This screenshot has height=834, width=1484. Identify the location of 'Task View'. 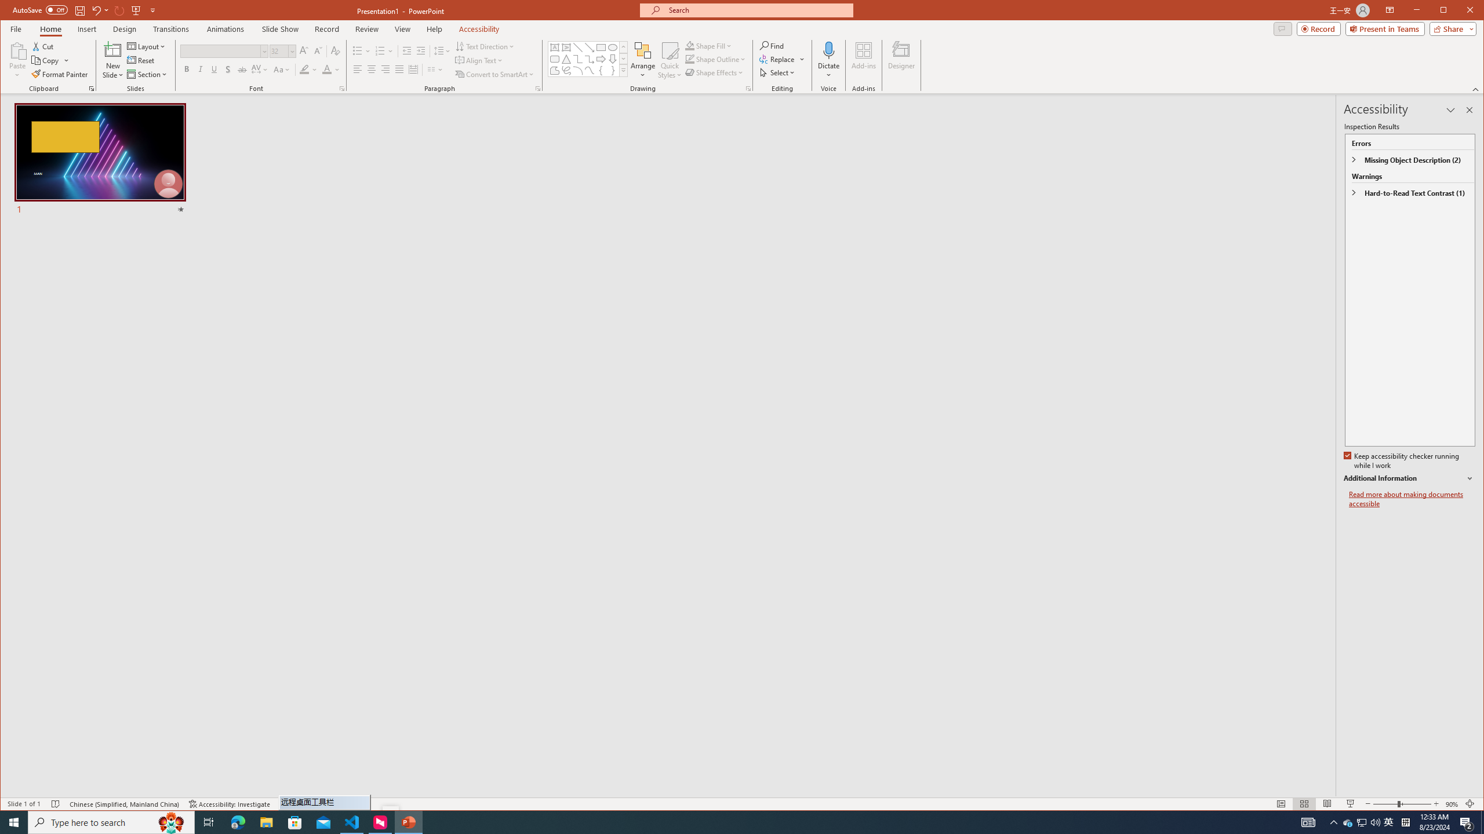
(208, 821).